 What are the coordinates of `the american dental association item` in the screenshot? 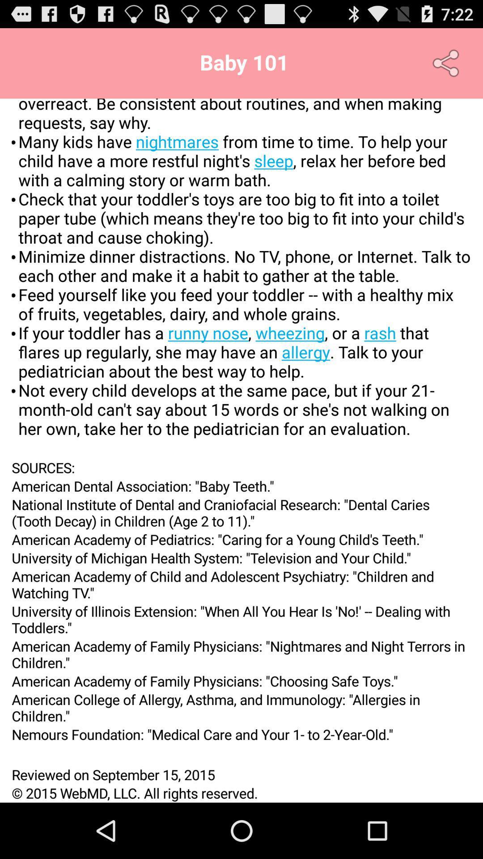 It's located at (241, 485).